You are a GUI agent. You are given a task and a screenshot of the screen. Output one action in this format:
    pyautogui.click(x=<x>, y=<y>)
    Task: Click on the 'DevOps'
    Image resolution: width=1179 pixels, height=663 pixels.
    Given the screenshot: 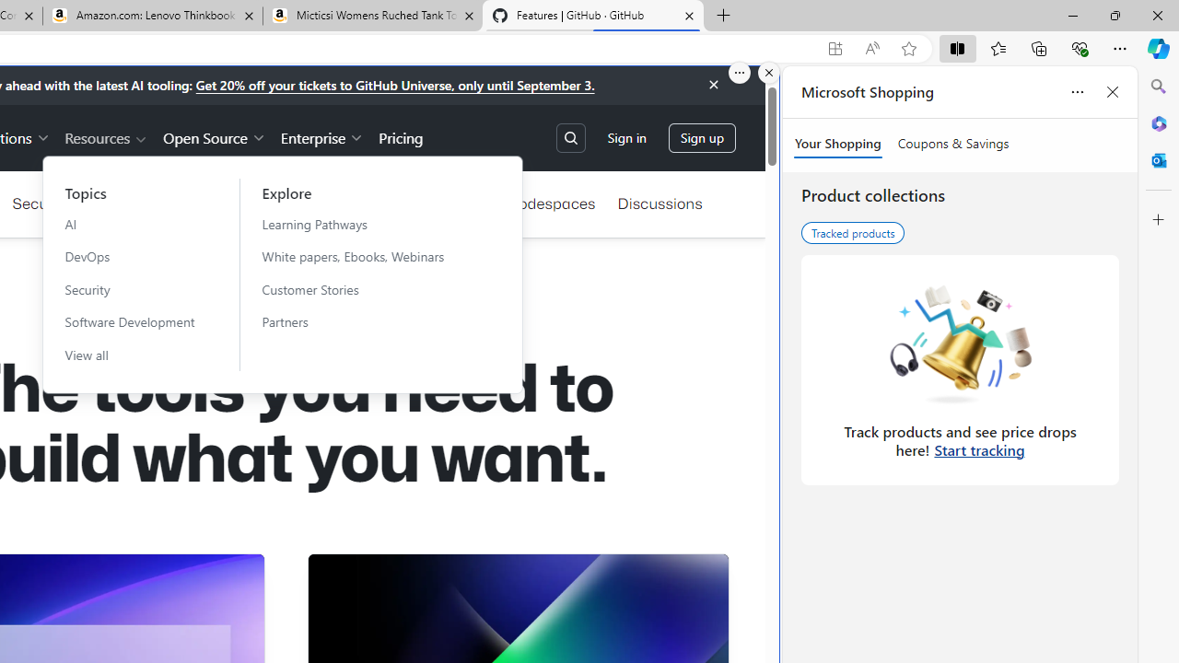 What is the action you would take?
    pyautogui.click(x=129, y=256)
    